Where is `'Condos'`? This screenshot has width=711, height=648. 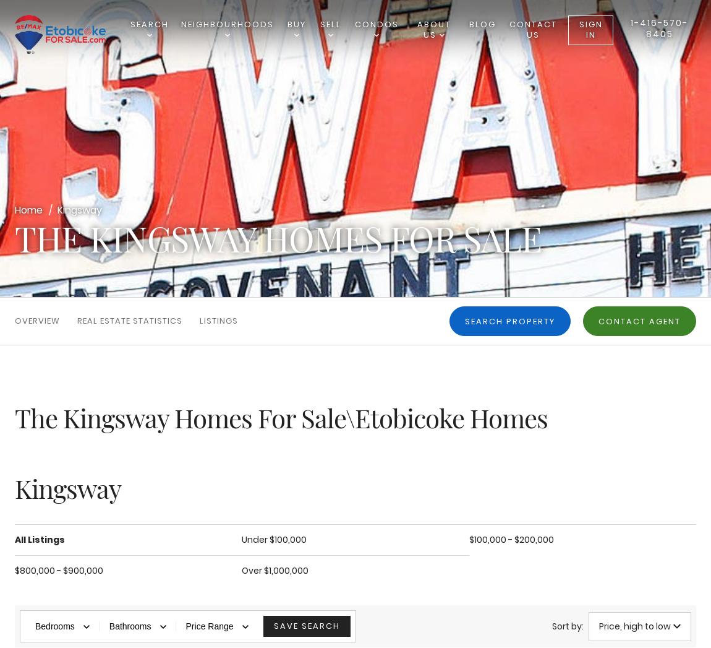 'Condos' is located at coordinates (375, 24).